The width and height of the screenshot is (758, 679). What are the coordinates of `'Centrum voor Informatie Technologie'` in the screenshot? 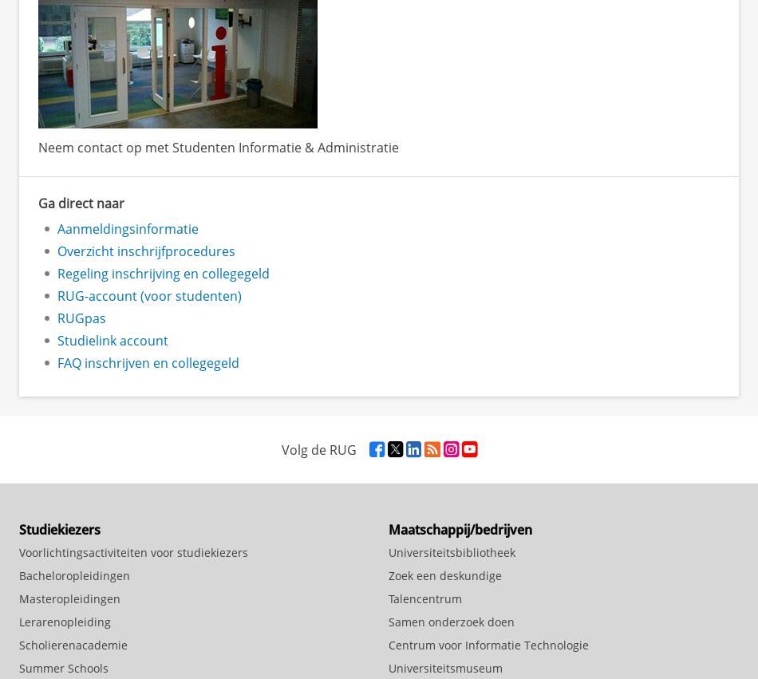 It's located at (488, 643).